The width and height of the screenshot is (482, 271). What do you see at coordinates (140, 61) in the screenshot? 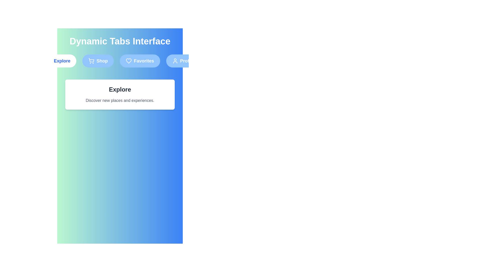
I see `the Favorites tab by clicking on its label` at bounding box center [140, 61].